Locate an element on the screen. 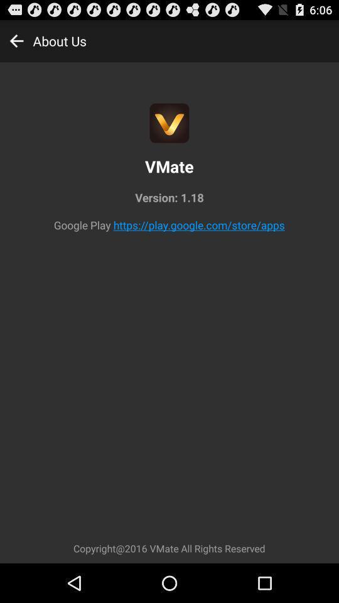 The width and height of the screenshot is (339, 603). item above the copyright 2016 vmate icon is located at coordinates (199, 225).